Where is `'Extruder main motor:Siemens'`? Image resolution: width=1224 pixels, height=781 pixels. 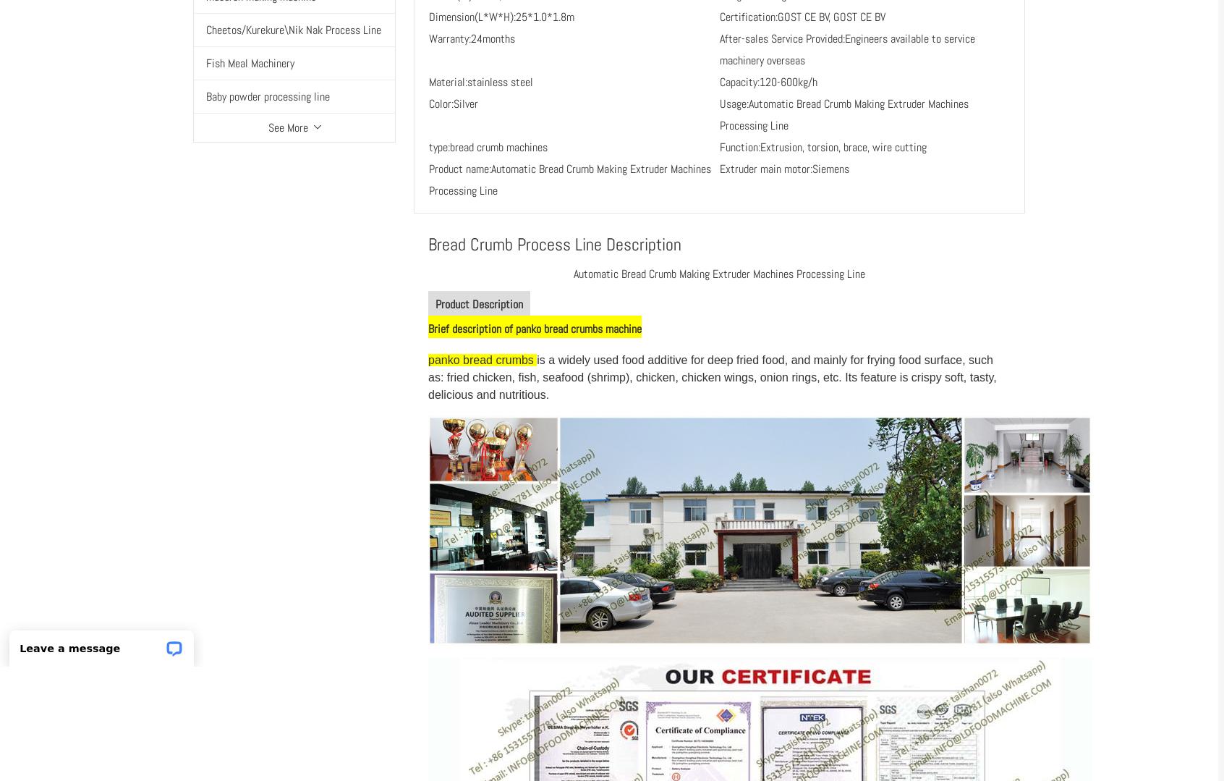
'Extruder main motor:Siemens' is located at coordinates (783, 167).